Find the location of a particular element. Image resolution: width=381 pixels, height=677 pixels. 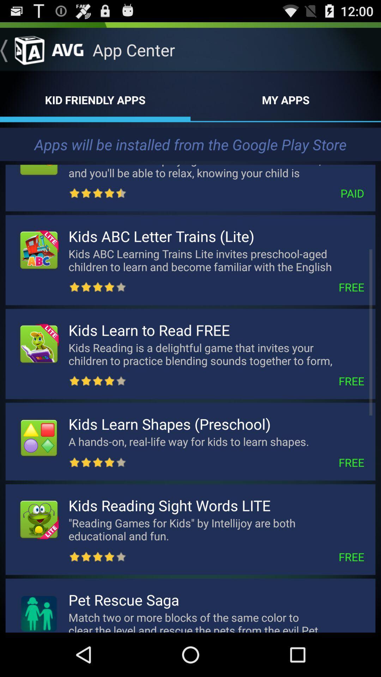

icon below pet rescue saga is located at coordinates (216, 621).